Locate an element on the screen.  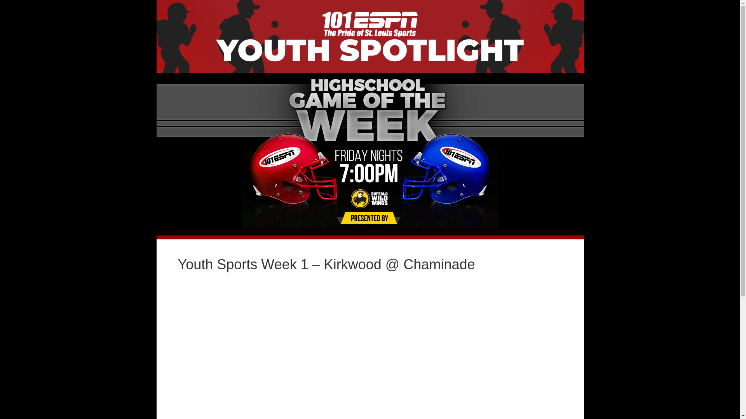
'Page-Header' is located at coordinates (370, 151).